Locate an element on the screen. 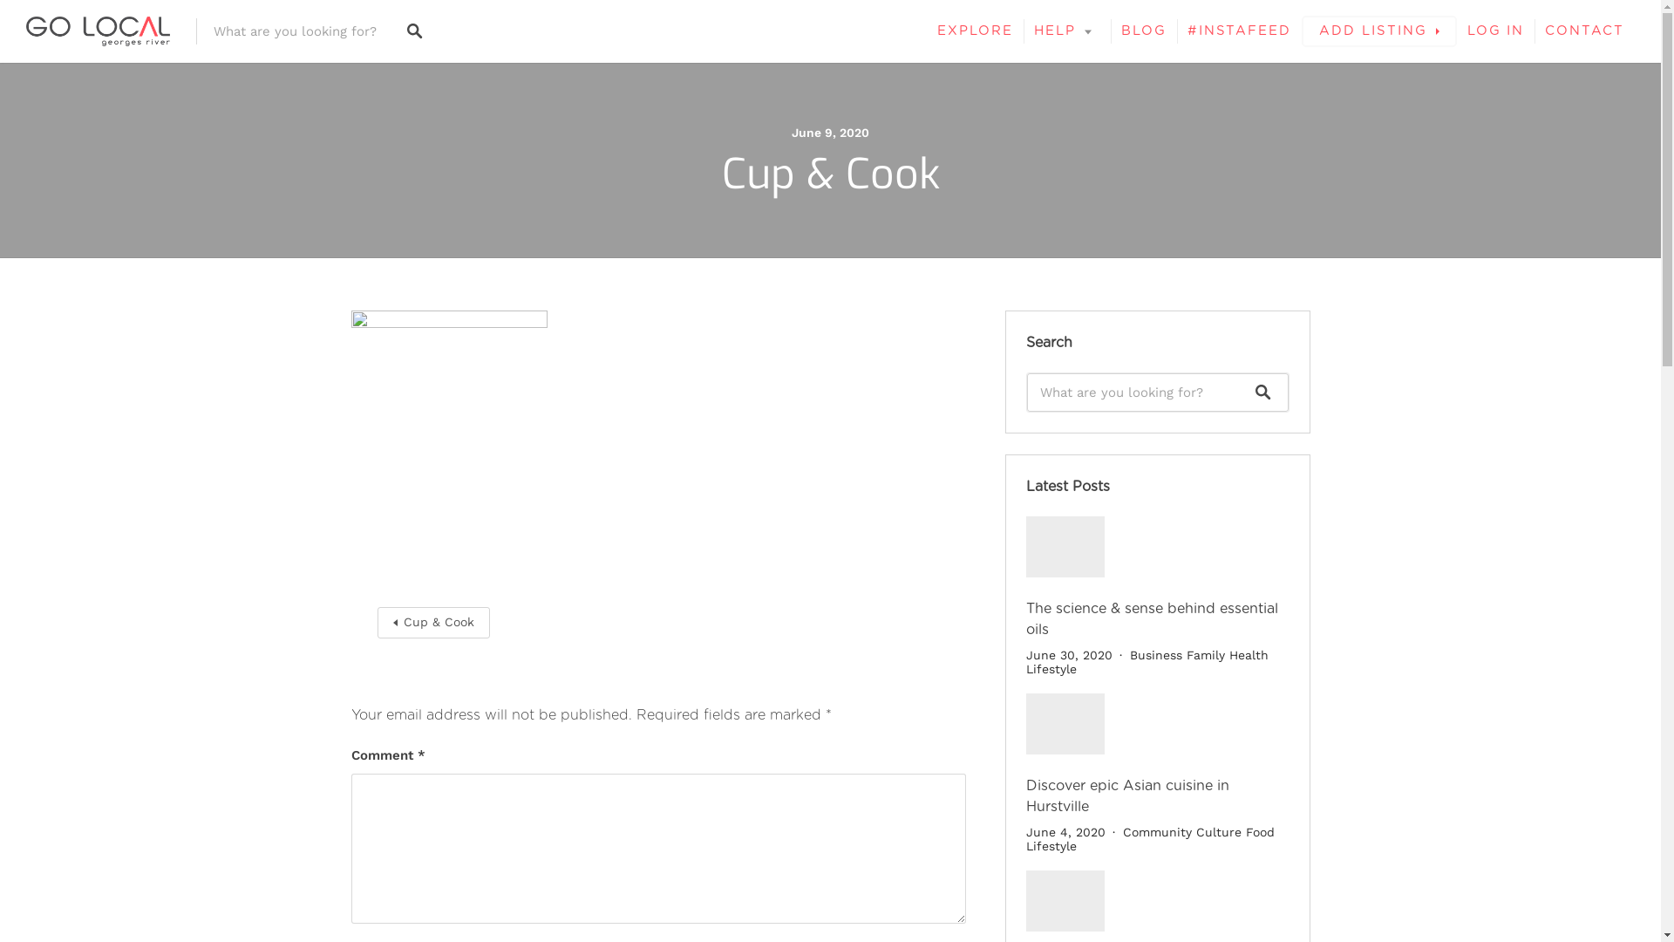  '#INSTAFEED' is located at coordinates (1238, 31).